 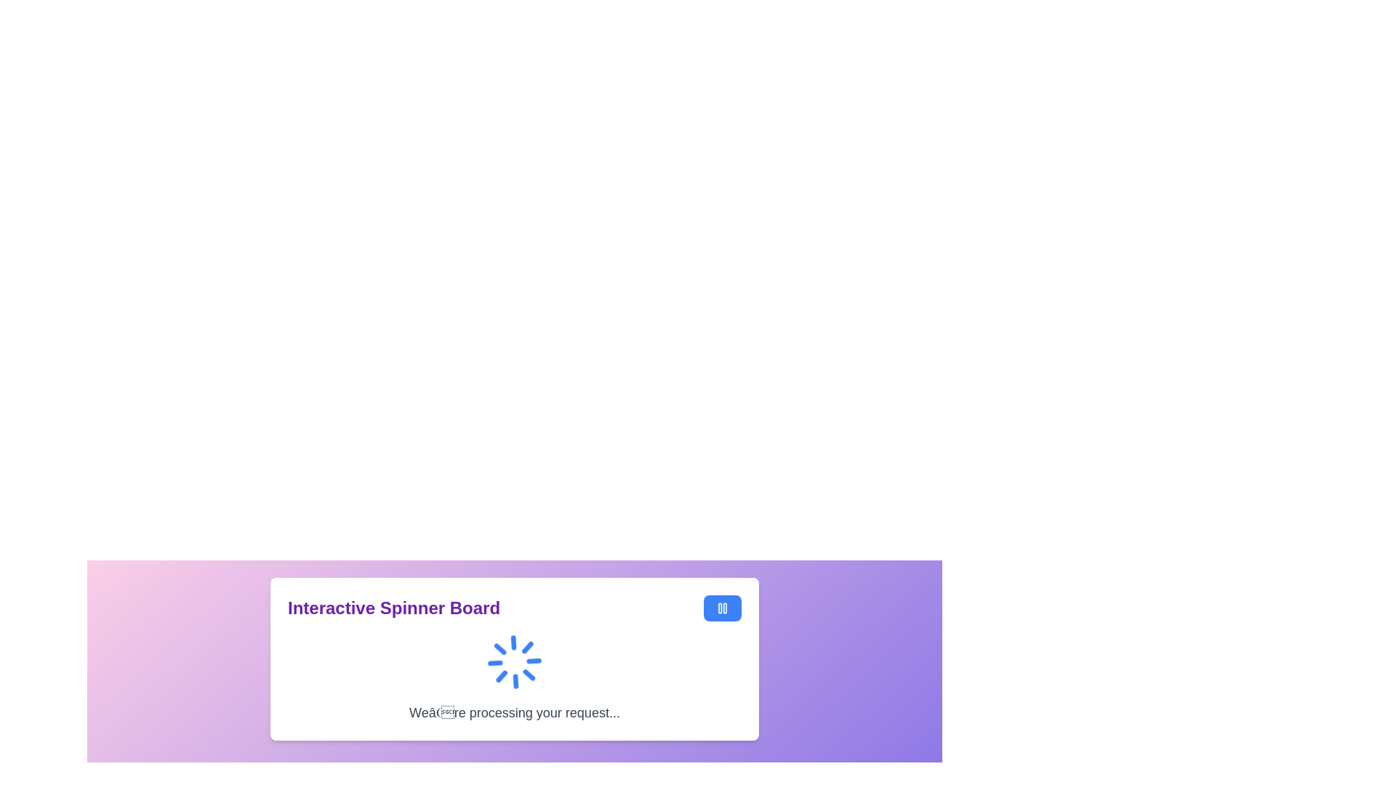 What do you see at coordinates (725, 608) in the screenshot?
I see `the right vertical bar of the 'pause' icon located within the blue circular button in the 'Interactive Spinner Board' panel` at bounding box center [725, 608].